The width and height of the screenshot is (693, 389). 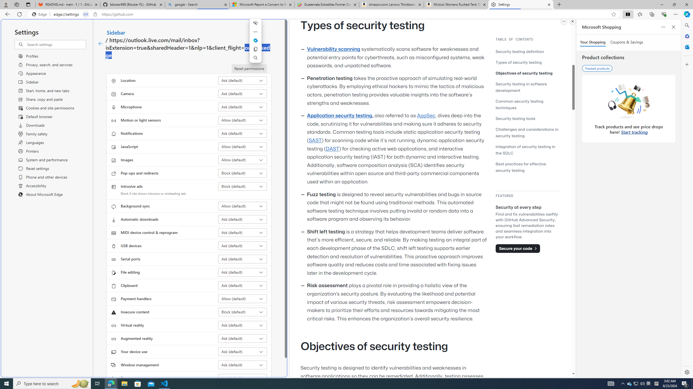 I want to click on 'Background sync Allow (default)', so click(x=243, y=206).